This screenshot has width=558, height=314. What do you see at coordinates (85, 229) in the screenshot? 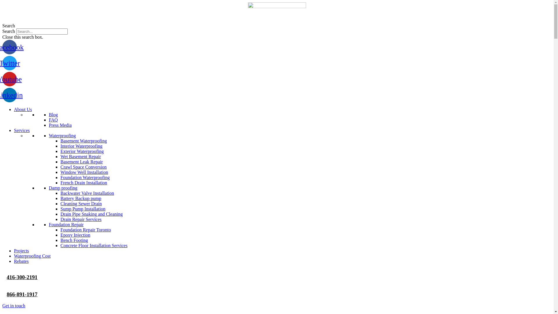
I see `'Foundation Repair Toronto'` at bounding box center [85, 229].